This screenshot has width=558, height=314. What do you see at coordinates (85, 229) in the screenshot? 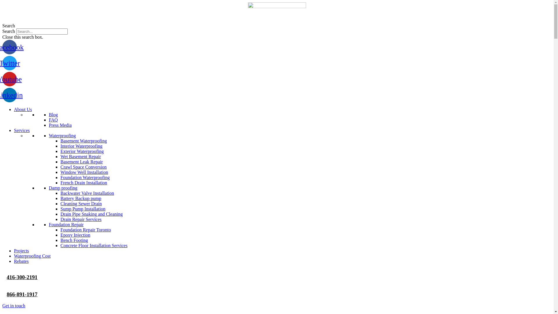
I see `'Foundation Repair Toronto'` at bounding box center [85, 229].